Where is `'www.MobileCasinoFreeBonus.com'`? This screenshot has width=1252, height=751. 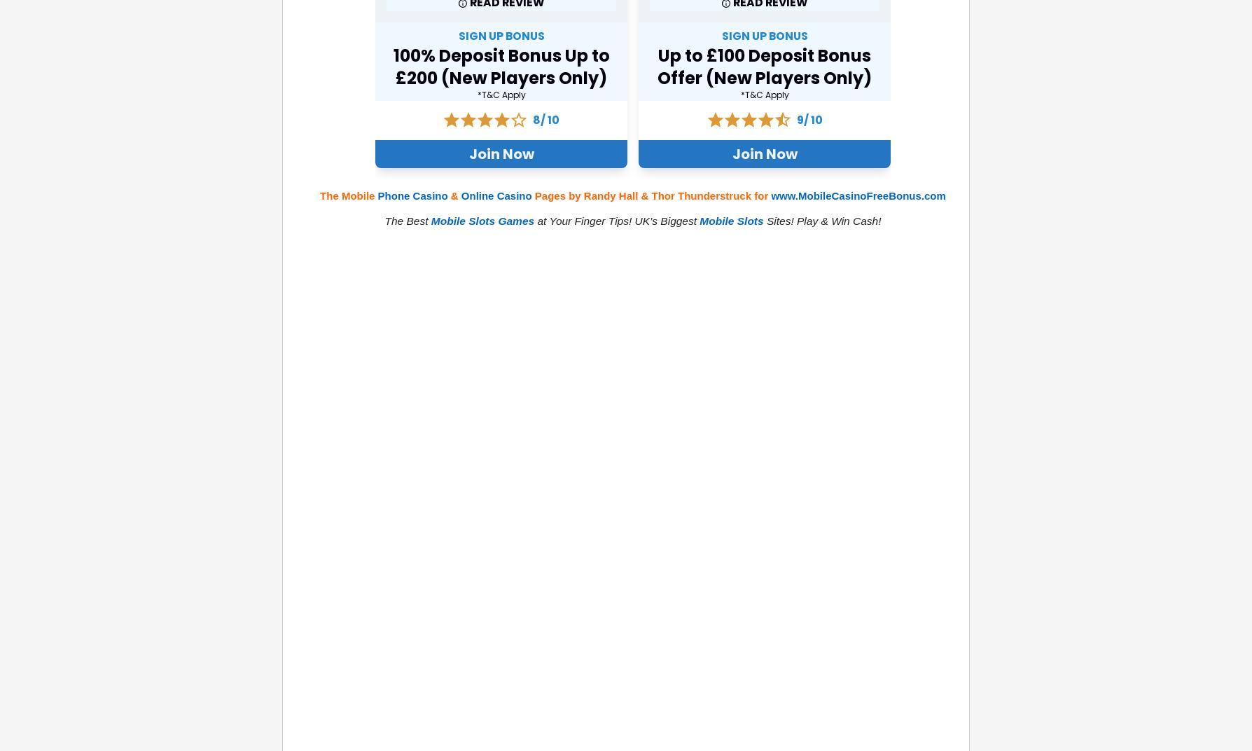 'www.MobileCasinoFreeBonus.com' is located at coordinates (857, 195).